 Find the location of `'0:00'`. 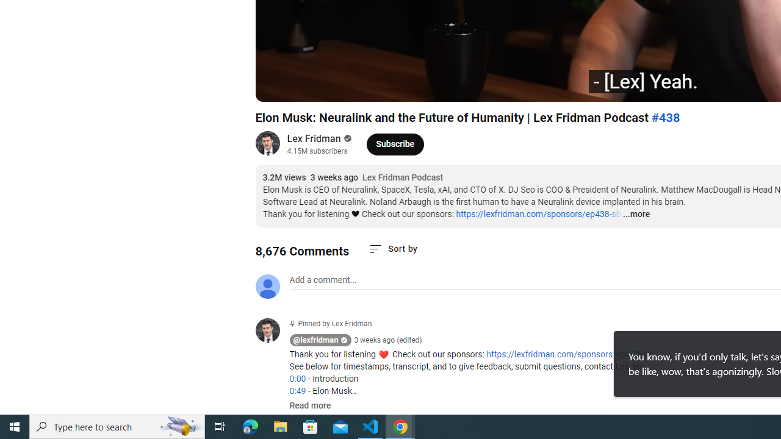

'0:00' is located at coordinates (297, 378).